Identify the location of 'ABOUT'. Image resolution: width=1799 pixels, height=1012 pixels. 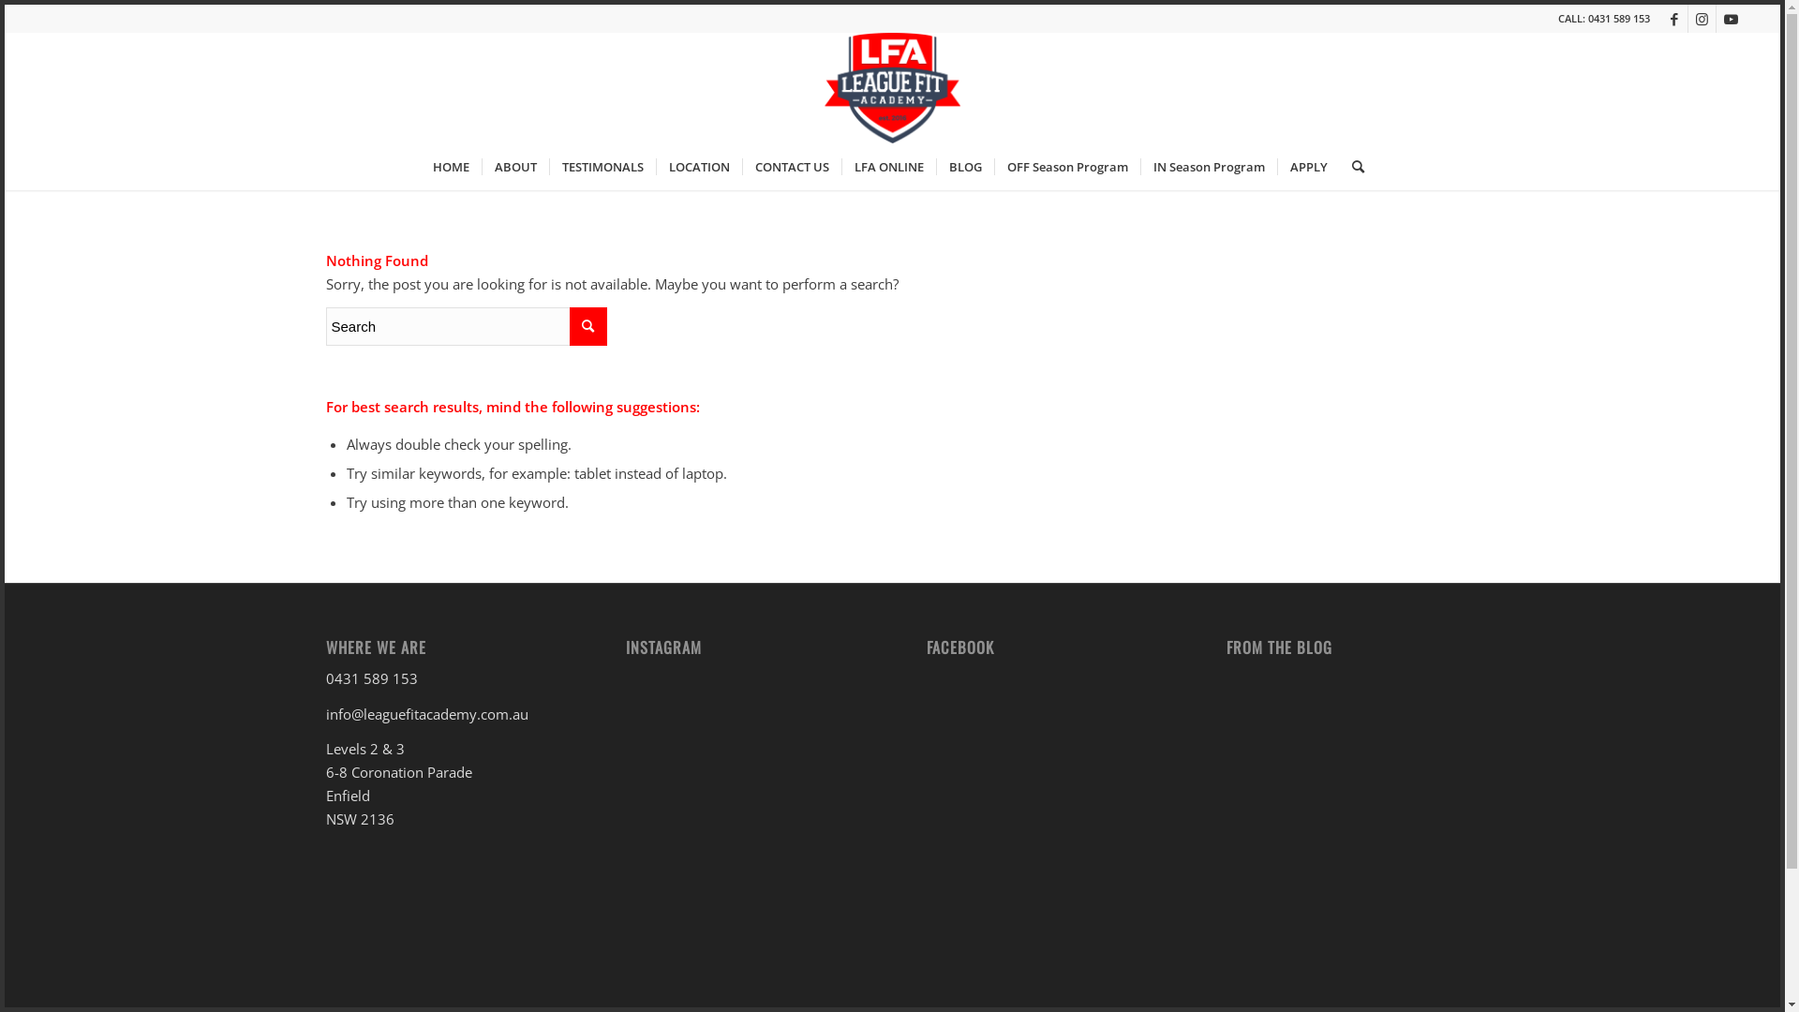
(515, 165).